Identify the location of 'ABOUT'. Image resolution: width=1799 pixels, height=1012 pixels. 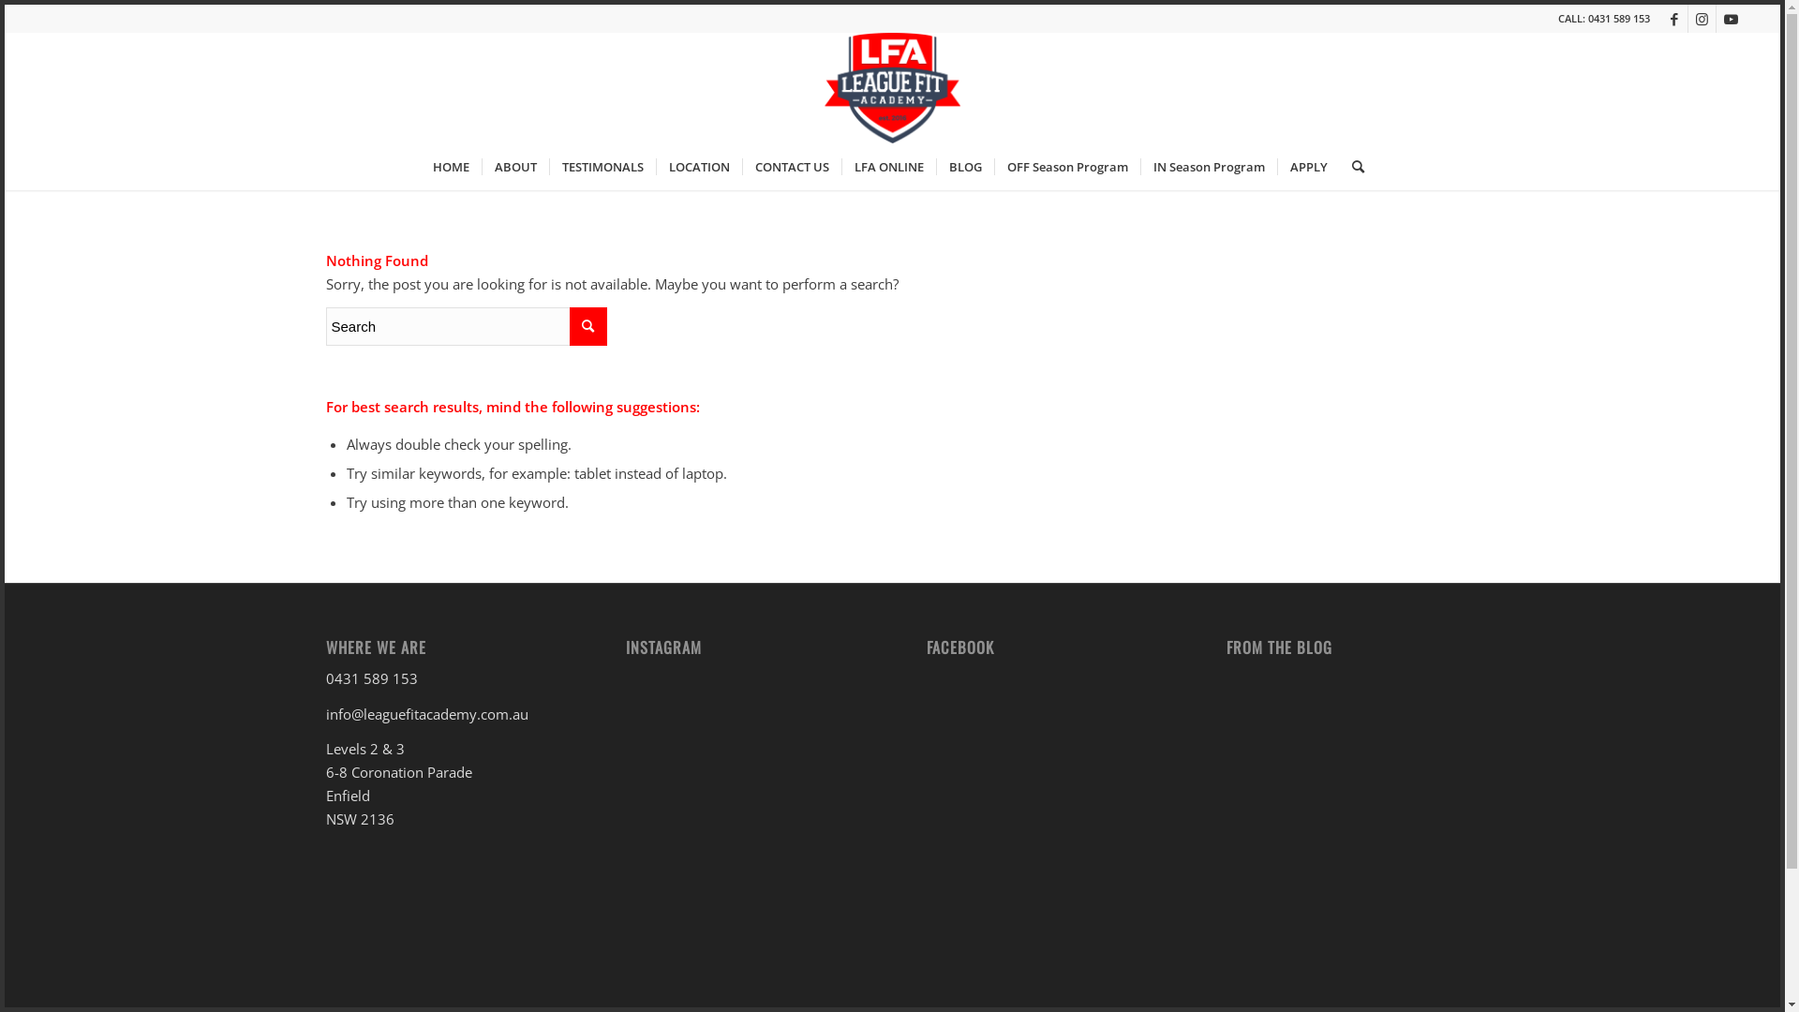
(515, 165).